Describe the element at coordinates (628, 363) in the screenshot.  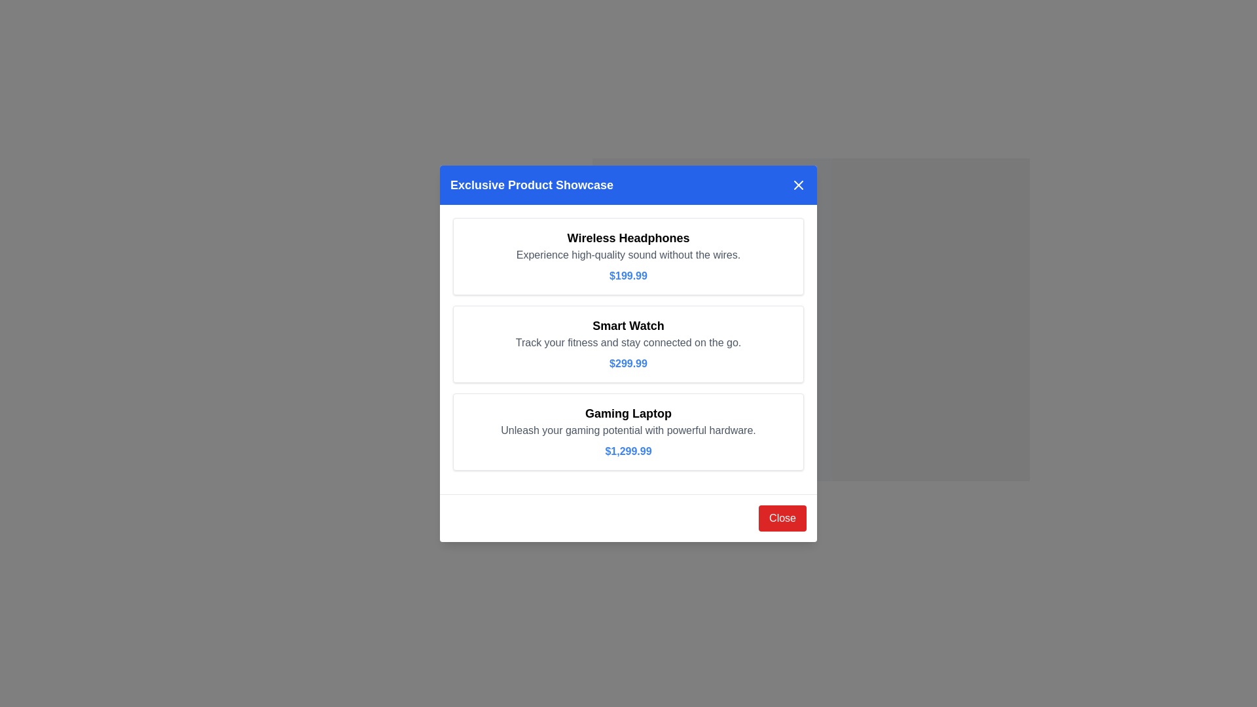
I see `price displayed in the Text label located below the product's description in the Smart Watch item section` at that location.